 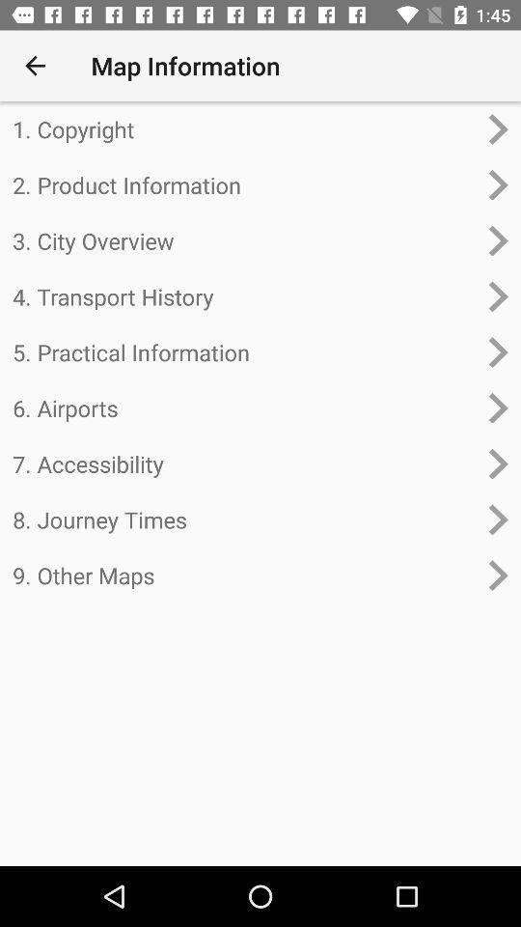 What do you see at coordinates (244, 576) in the screenshot?
I see `9. other maps` at bounding box center [244, 576].